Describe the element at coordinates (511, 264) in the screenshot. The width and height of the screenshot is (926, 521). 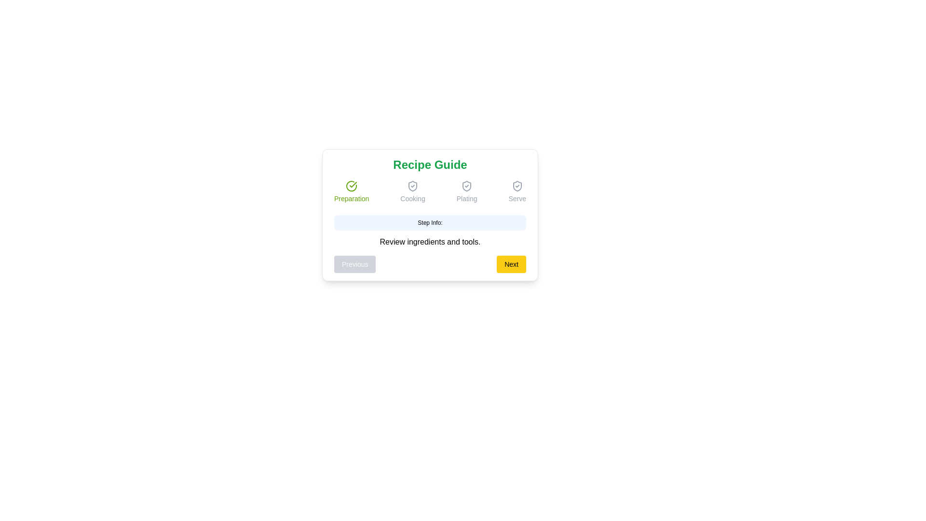
I see `the 'Next' button to proceed to the next step in the recipe guide` at that location.